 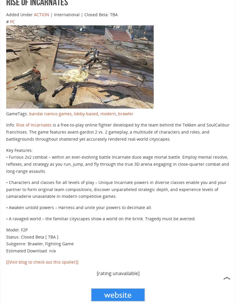 What do you see at coordinates (16, 244) in the screenshot?
I see `'Subgenre:'` at bounding box center [16, 244].